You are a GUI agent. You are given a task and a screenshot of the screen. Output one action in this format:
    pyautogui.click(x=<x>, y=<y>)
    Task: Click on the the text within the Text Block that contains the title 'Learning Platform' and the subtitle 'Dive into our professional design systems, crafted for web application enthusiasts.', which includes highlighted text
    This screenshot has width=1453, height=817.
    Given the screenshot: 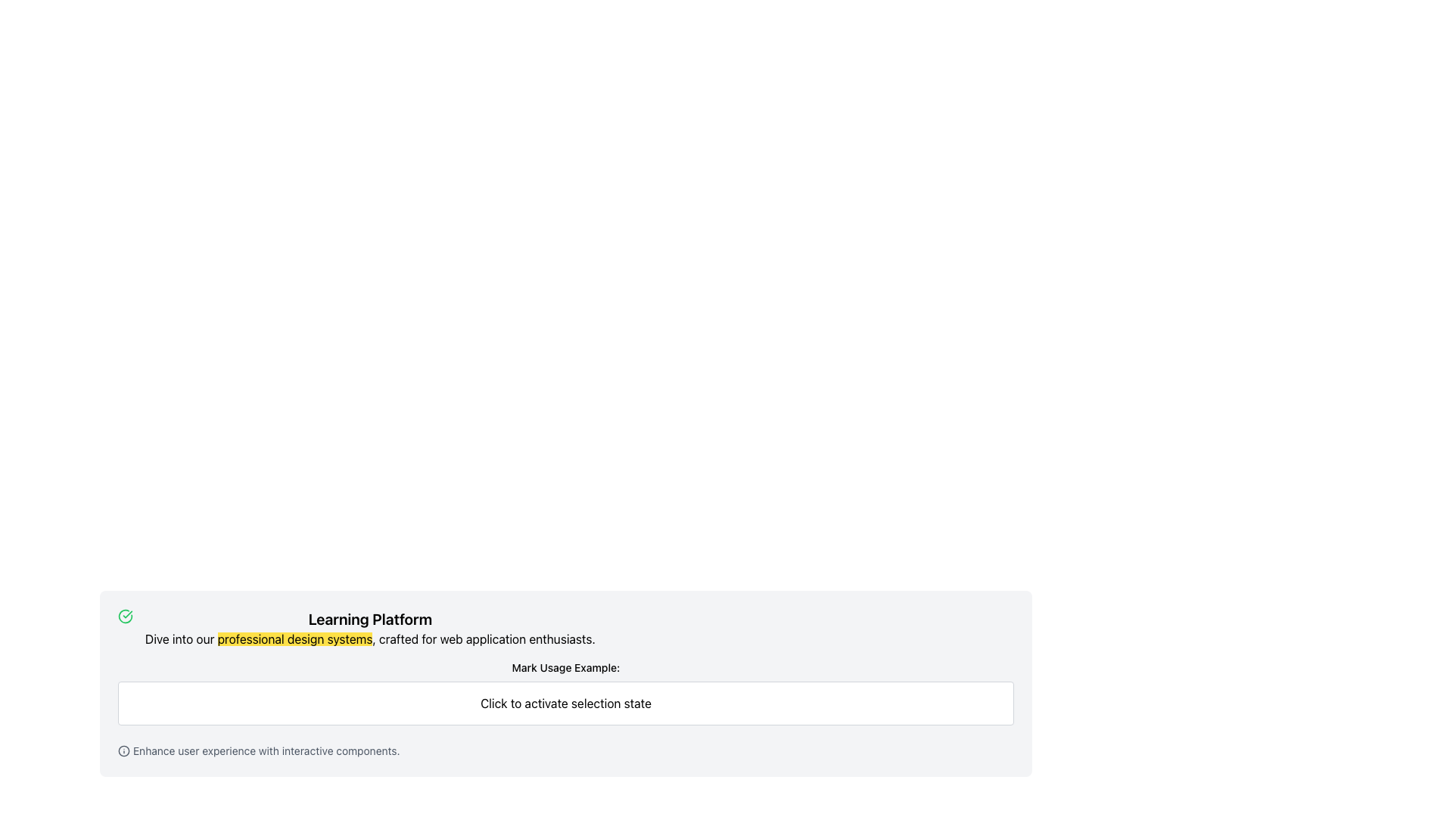 What is the action you would take?
    pyautogui.click(x=370, y=628)
    